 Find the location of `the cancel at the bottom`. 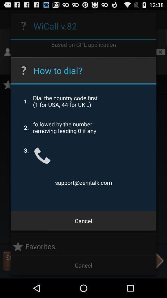

the cancel at the bottom is located at coordinates (83, 221).